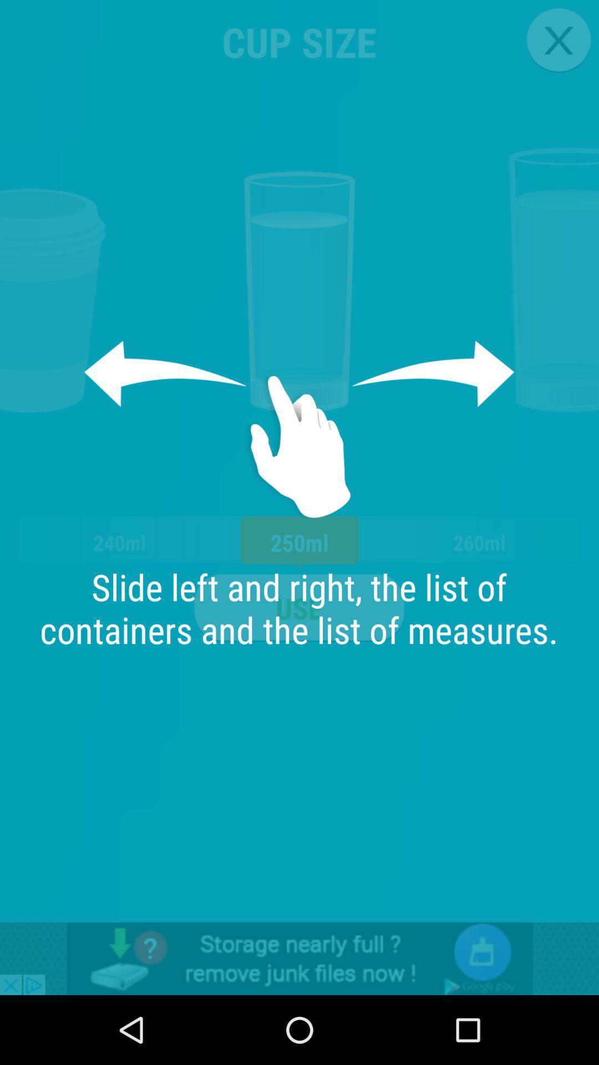 The height and width of the screenshot is (1065, 599). I want to click on app to the right of the 240ml icon, so click(298, 607).